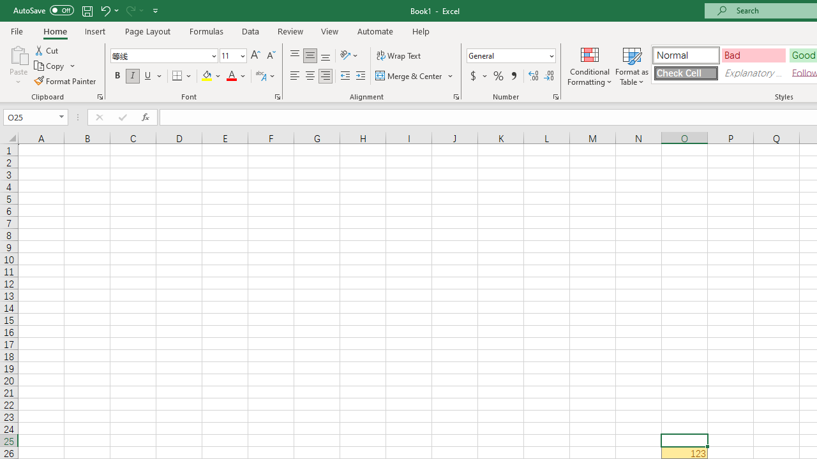  Describe the element at coordinates (47, 50) in the screenshot. I see `'Cut'` at that location.